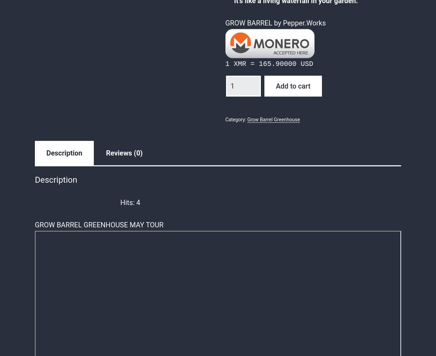 The height and width of the screenshot is (356, 436). Describe the element at coordinates (99, 224) in the screenshot. I see `'GROW BARREL GREENHOUSE MAY TOUR'` at that location.